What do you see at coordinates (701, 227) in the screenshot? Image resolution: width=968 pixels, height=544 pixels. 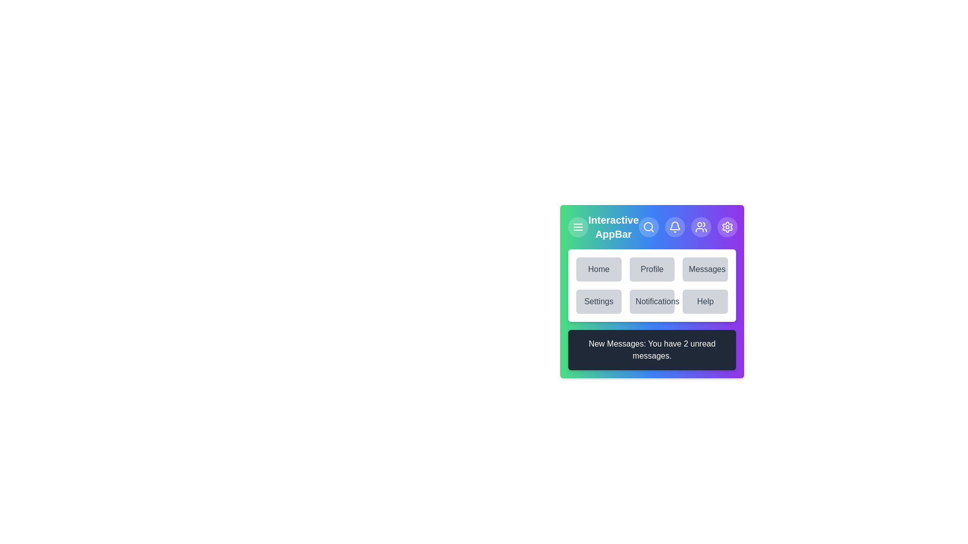 I see `the user icon to manage user-related actions` at bounding box center [701, 227].